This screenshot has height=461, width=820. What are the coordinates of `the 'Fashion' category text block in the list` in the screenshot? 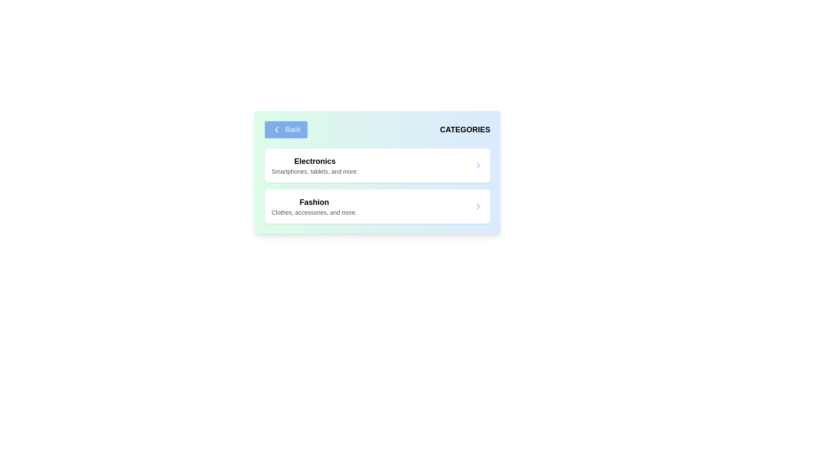 It's located at (313, 206).